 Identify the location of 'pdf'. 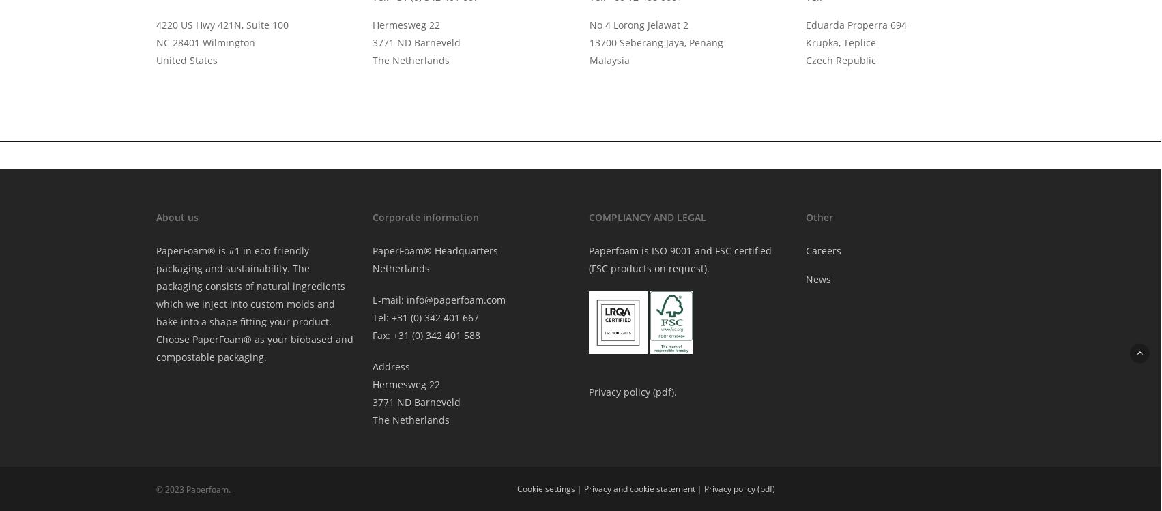
(663, 391).